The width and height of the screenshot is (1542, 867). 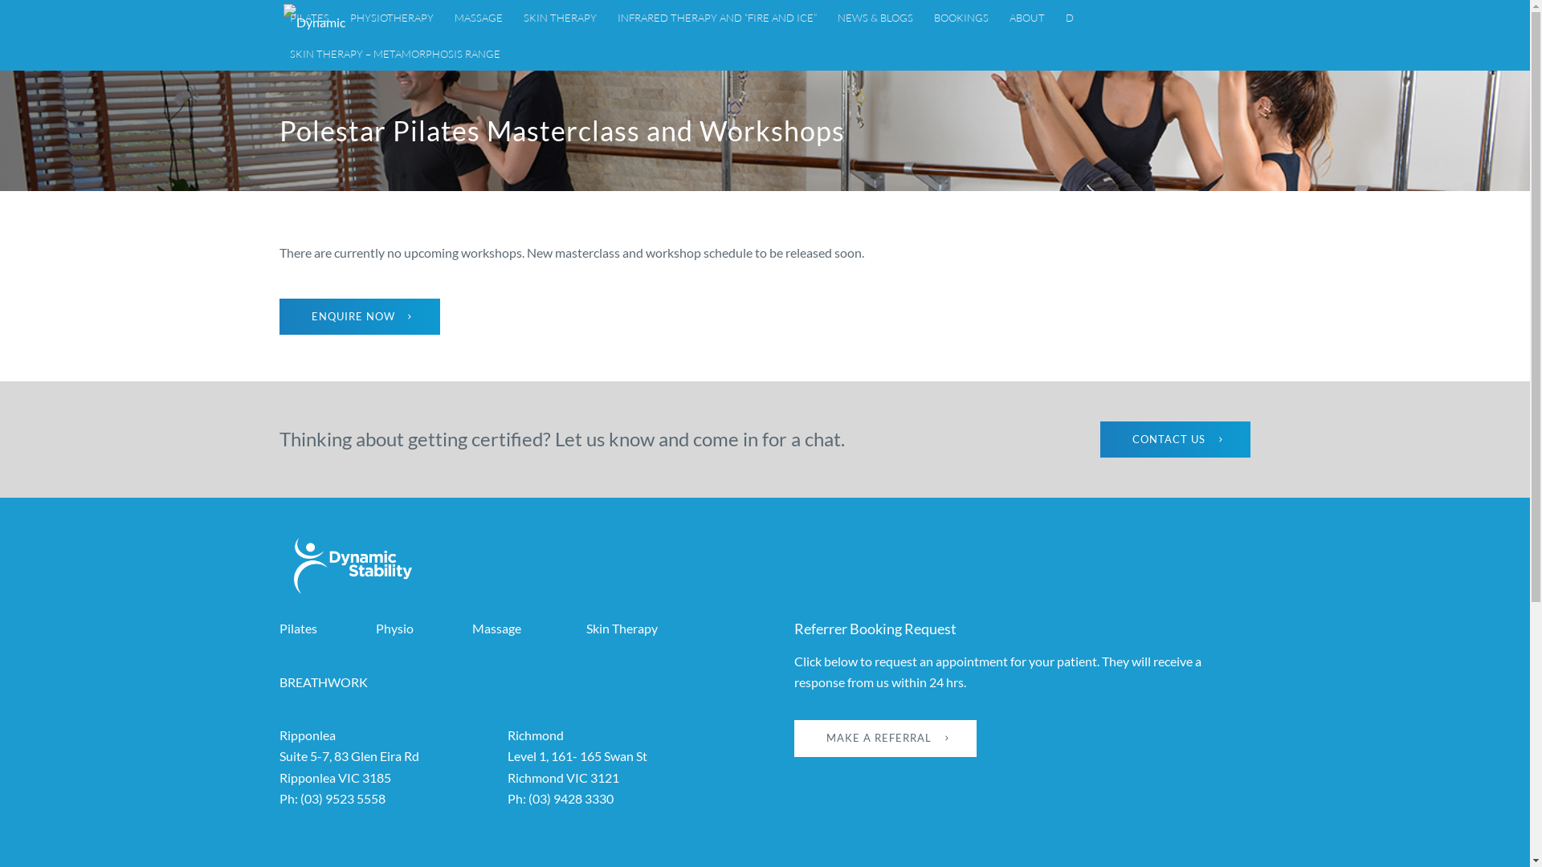 What do you see at coordinates (874, 18) in the screenshot?
I see `'NEWS & BLOGS'` at bounding box center [874, 18].